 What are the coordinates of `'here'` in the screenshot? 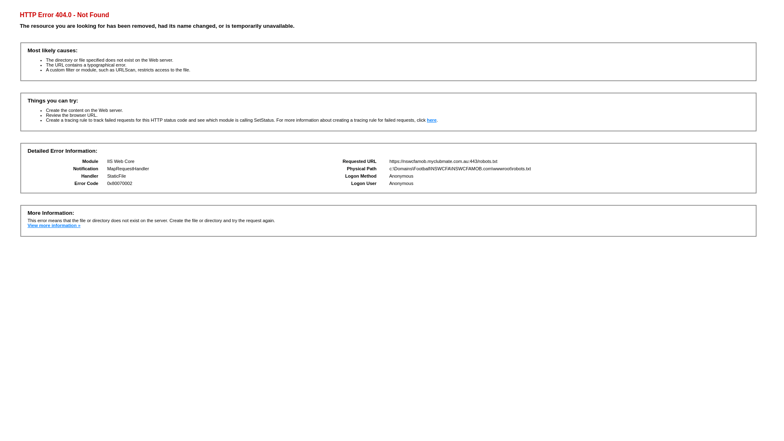 It's located at (427, 120).